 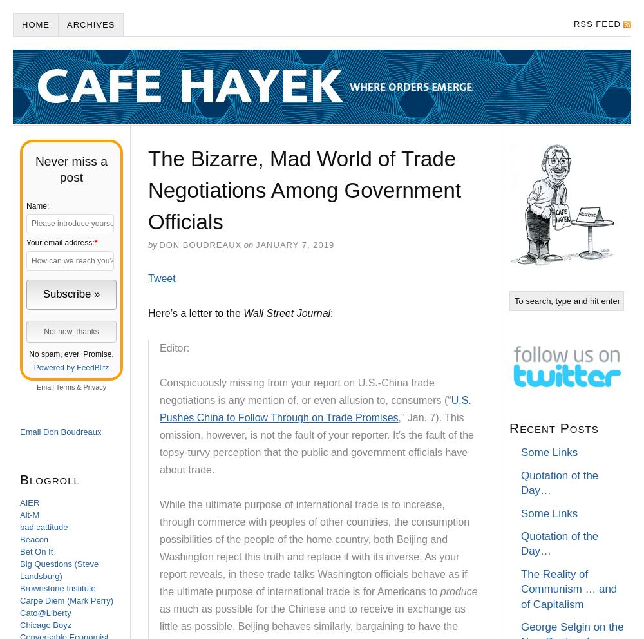 I want to click on 'Home', so click(x=35, y=24).